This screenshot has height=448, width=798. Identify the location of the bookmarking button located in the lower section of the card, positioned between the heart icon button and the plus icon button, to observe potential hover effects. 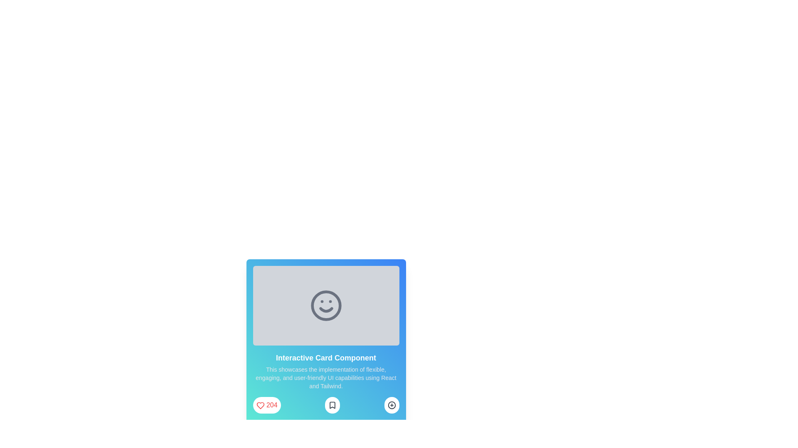
(325, 404).